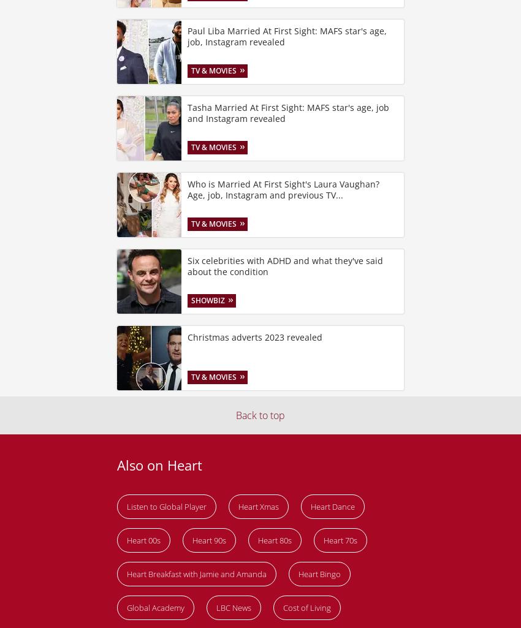 The width and height of the screenshot is (521, 628). Describe the element at coordinates (126, 505) in the screenshot. I see `'Listen to Global Player'` at that location.